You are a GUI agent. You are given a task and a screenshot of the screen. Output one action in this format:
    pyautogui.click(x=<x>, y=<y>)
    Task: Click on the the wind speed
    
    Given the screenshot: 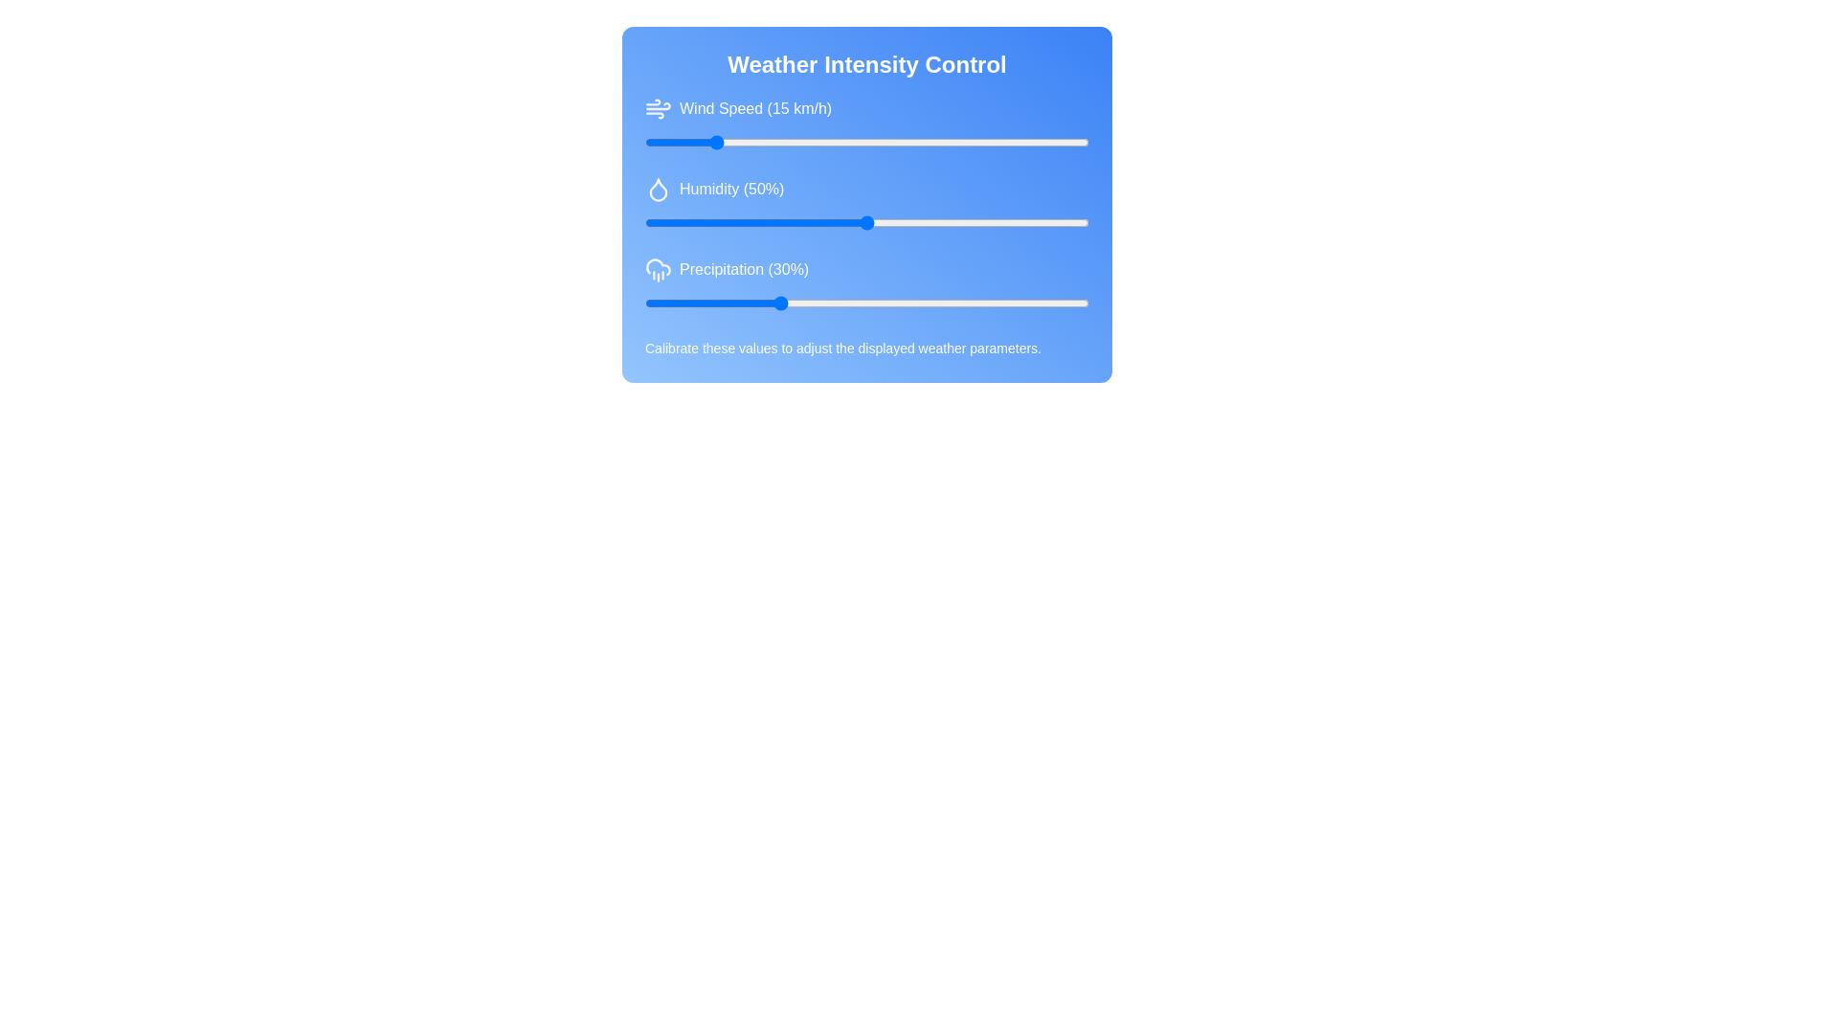 What is the action you would take?
    pyautogui.click(x=1085, y=142)
    